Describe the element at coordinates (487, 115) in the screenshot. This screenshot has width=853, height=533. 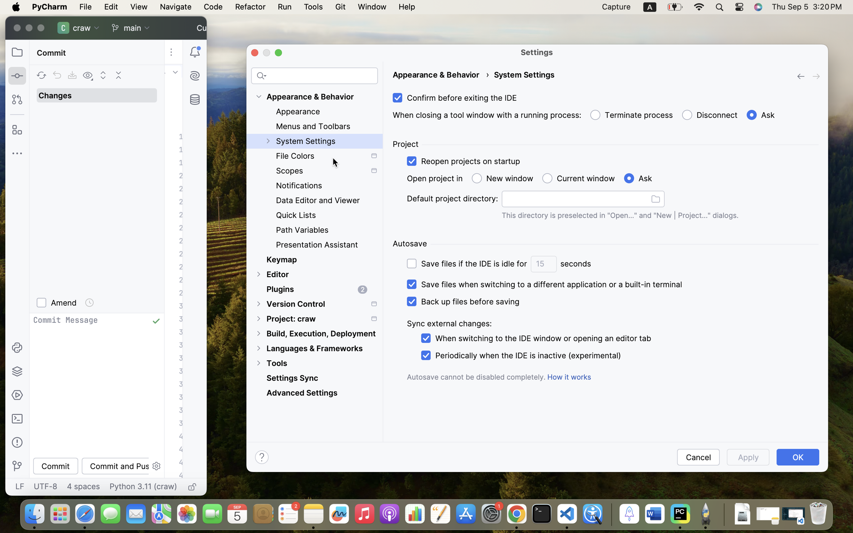
I see `'When closing a tool window with a running process:'` at that location.